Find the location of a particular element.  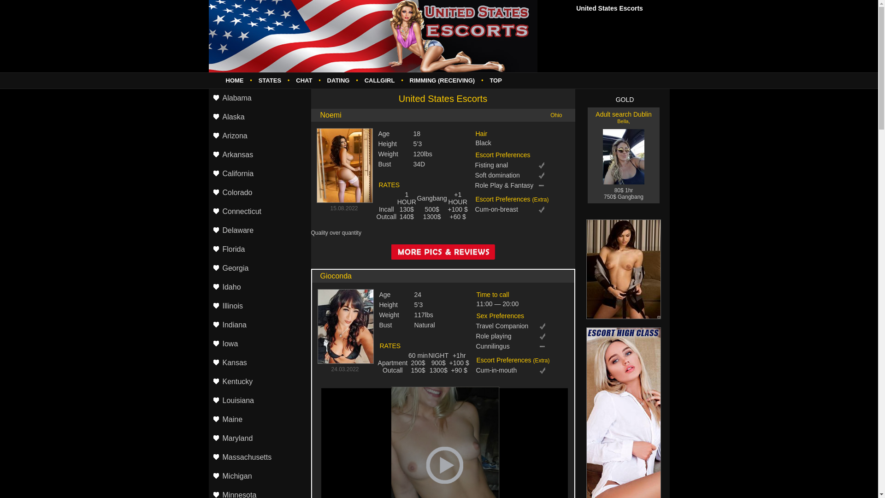

'Michigan' is located at coordinates (258, 476).